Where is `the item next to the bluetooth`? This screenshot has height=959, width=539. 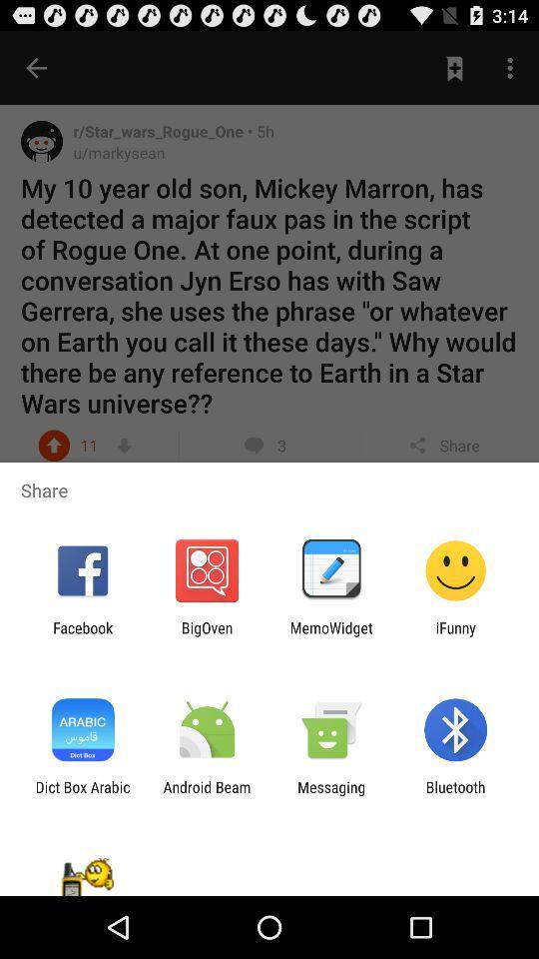
the item next to the bluetooth is located at coordinates (331, 795).